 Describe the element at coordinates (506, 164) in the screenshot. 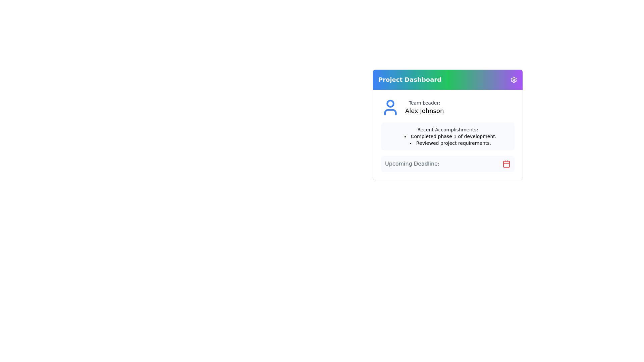

I see `the red calendar icon located at the far right side of the 'Upcoming Deadline:' section in the 'Project Dashboard' card` at that location.